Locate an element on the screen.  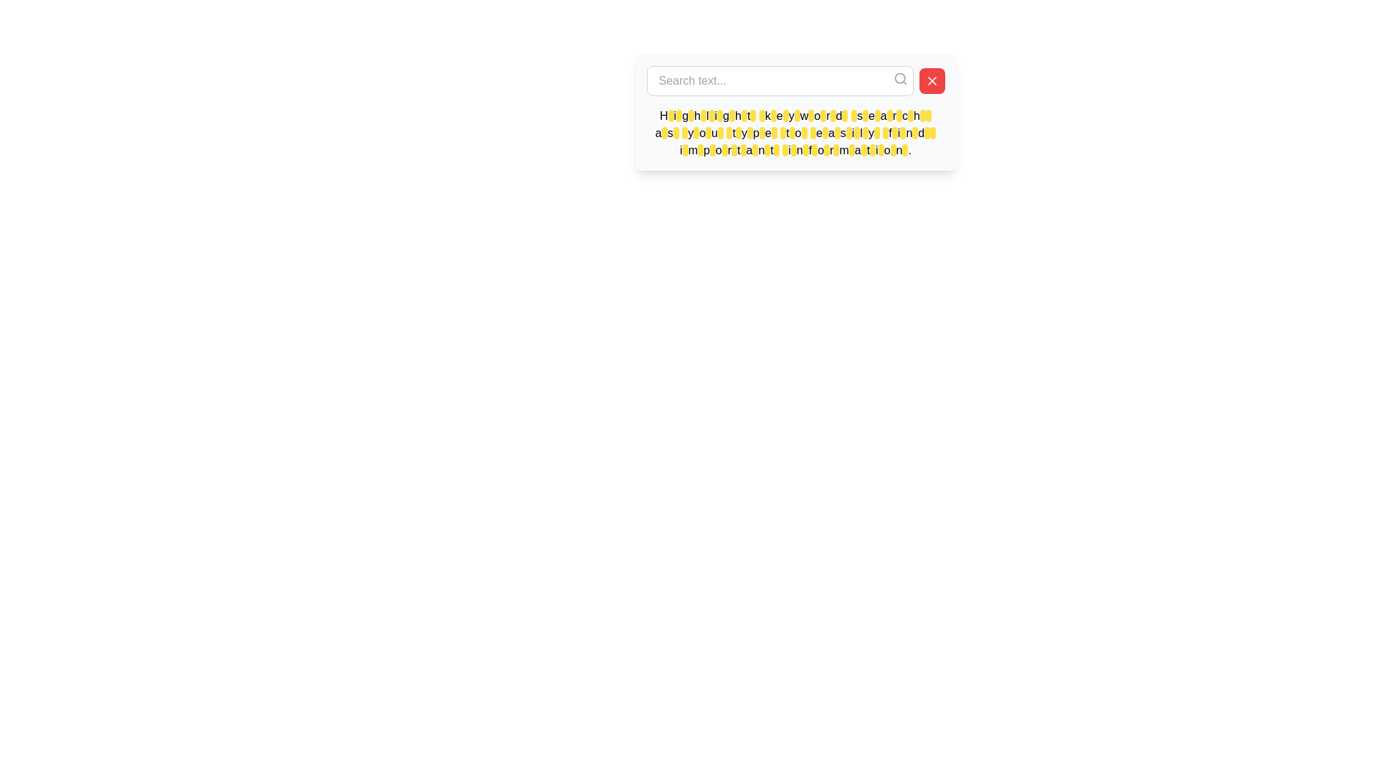
the Styling Marker, which is located in the middle right portion of a group of yellow-highlighted elements in the last row of a multi-line text block is located at coordinates (792, 150).